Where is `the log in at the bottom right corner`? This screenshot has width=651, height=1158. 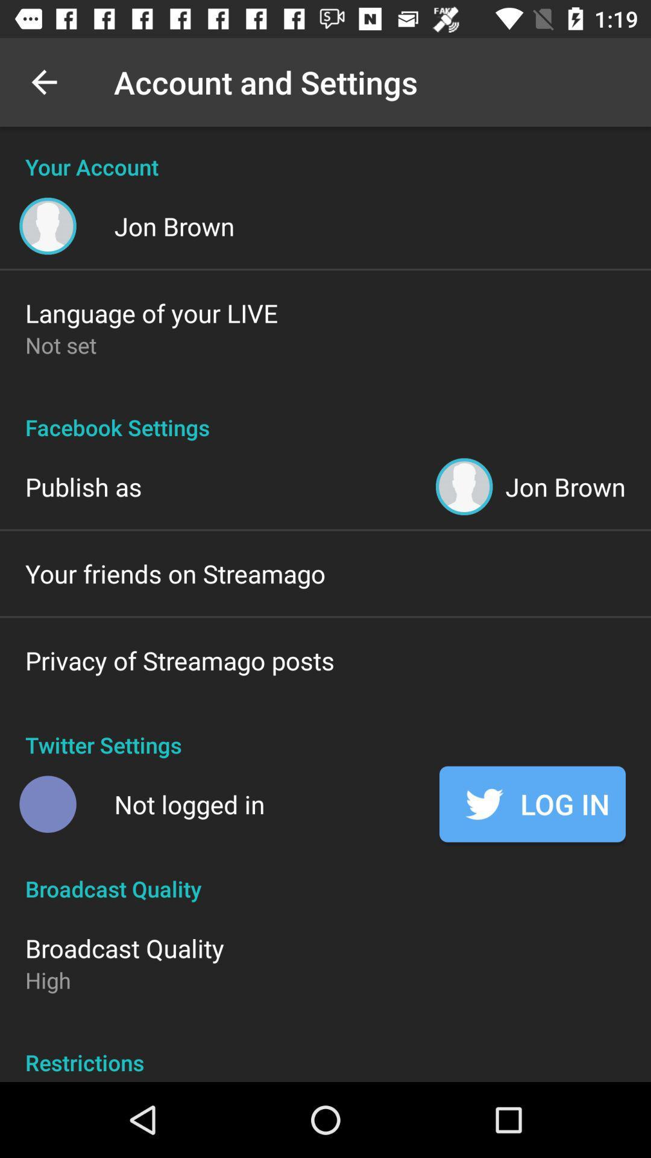
the log in at the bottom right corner is located at coordinates (532, 804).